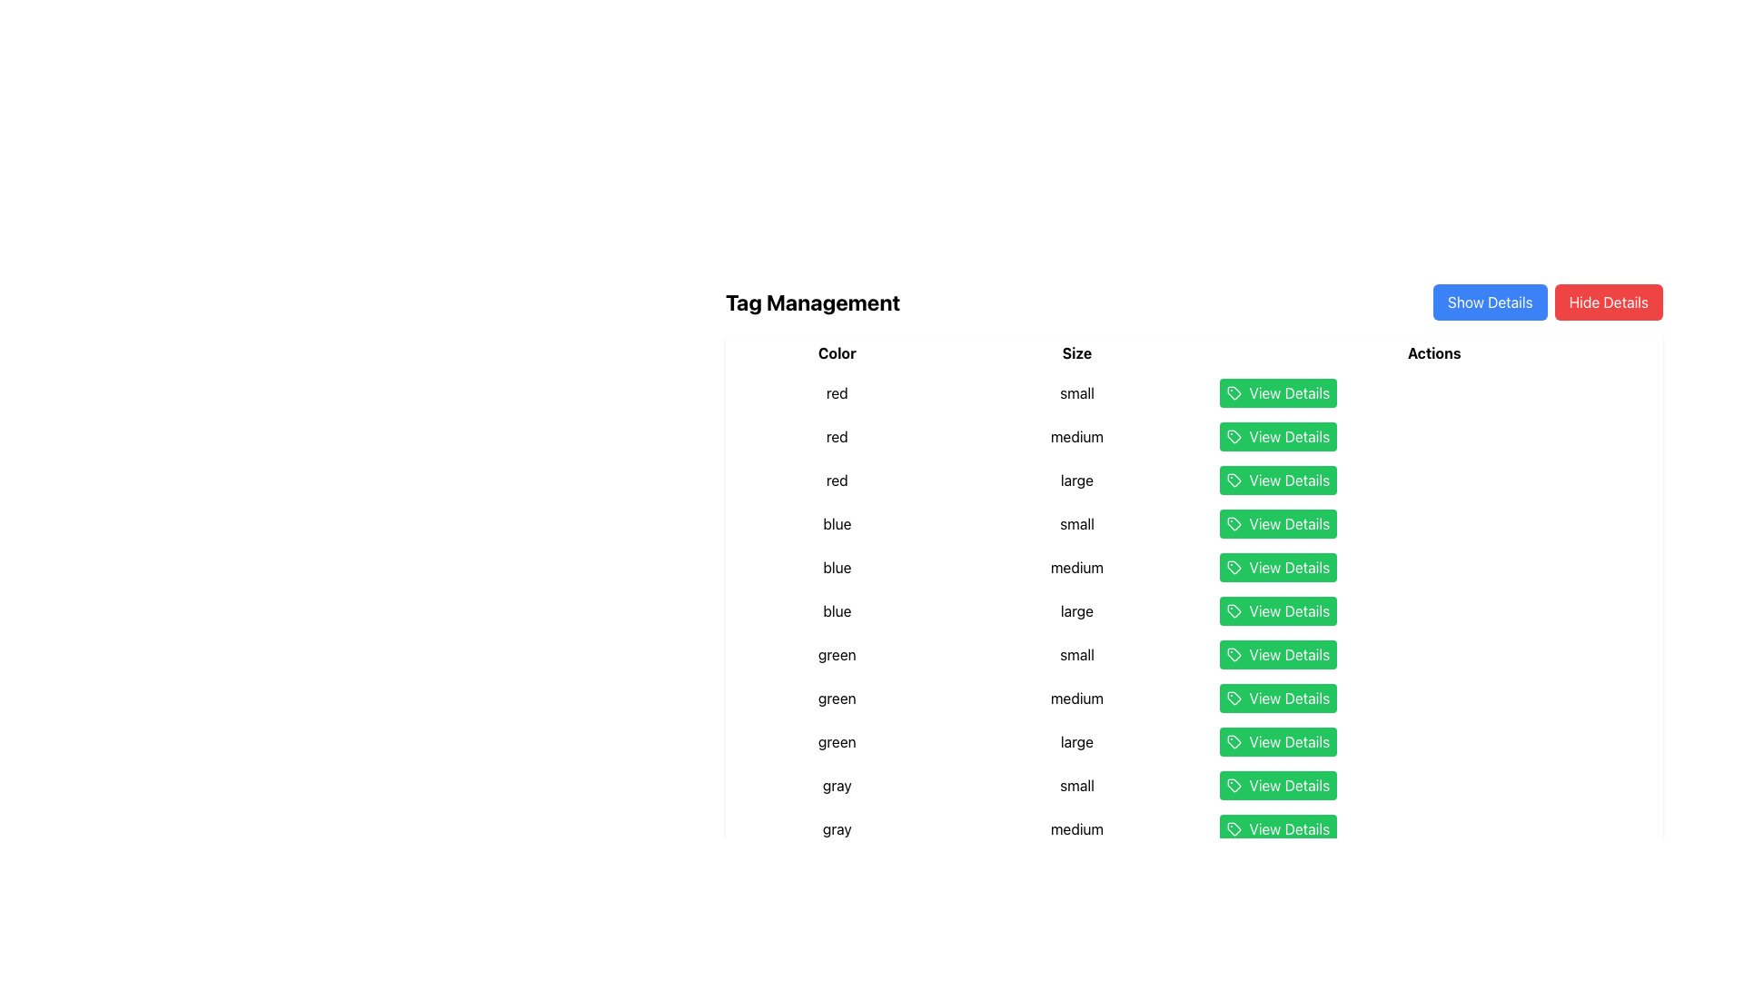 The image size is (1744, 981). What do you see at coordinates (1234, 479) in the screenshot?
I see `the tag icon within the 'View Details' button located in the 'Actions' column of the table row associated with the color 'blue' and size 'large'` at bounding box center [1234, 479].